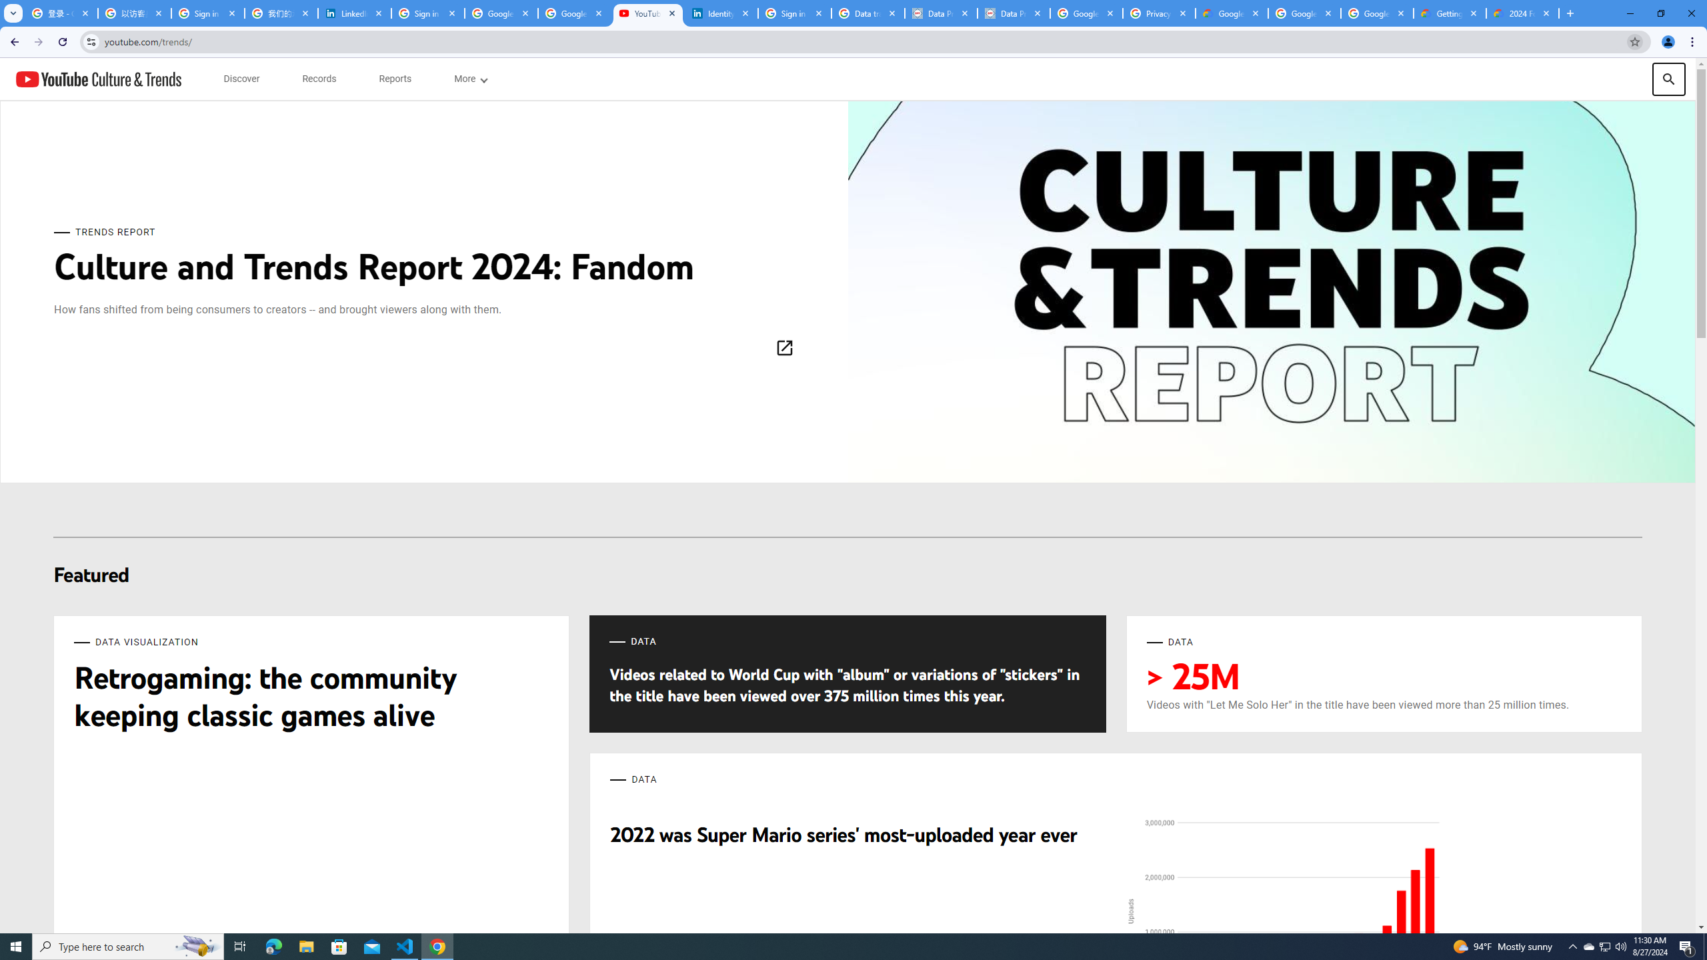 This screenshot has height=960, width=1707. What do you see at coordinates (318, 79) in the screenshot?
I see `'subnav-Records menupopup'` at bounding box center [318, 79].